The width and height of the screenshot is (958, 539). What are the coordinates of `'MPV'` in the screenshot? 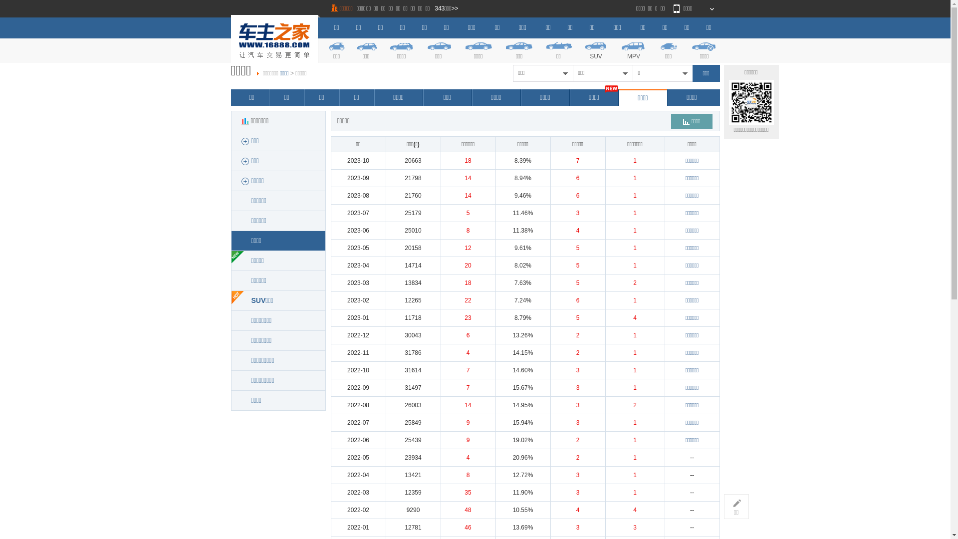 It's located at (633, 49).